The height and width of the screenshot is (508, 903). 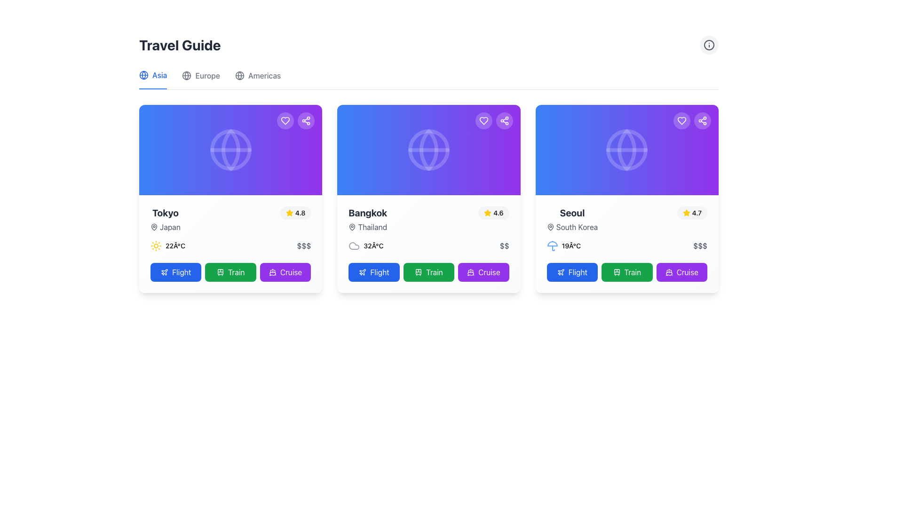 I want to click on the temperature display text label (19°C) located within the 'Seoul' card in the 'Travel Guide' interface, positioned near the umbrella icon, so click(x=570, y=246).